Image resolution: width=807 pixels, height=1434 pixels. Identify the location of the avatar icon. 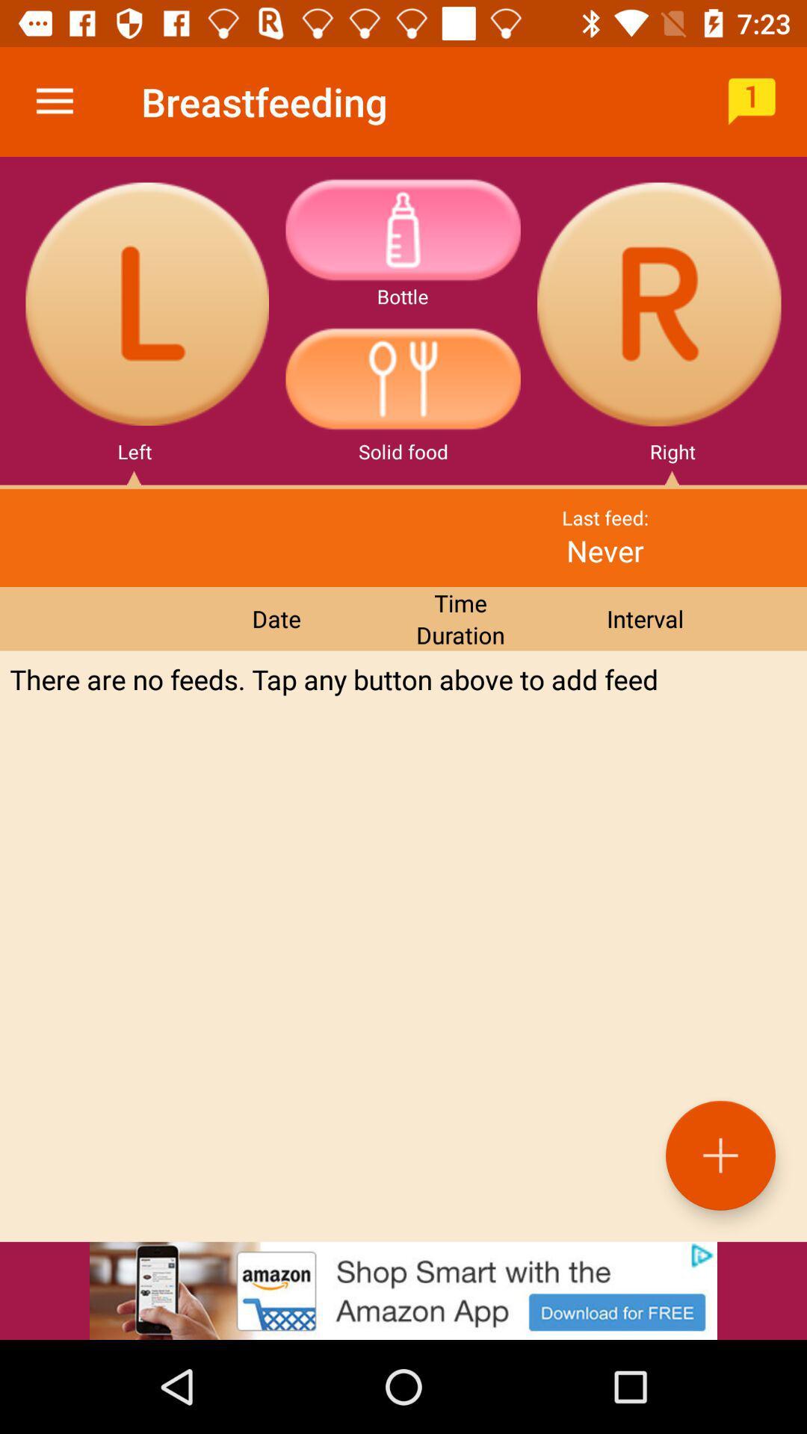
(402, 379).